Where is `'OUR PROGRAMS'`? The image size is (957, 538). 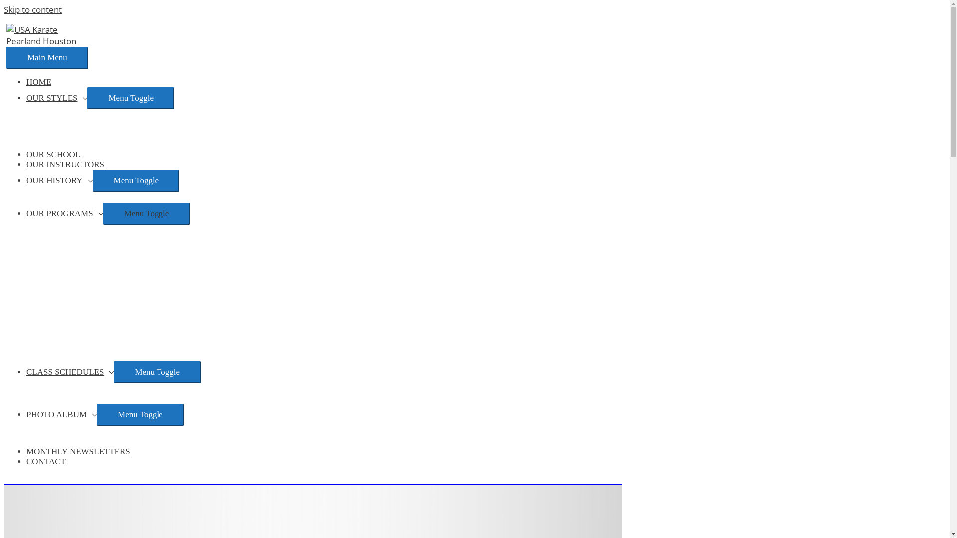
'OUR PROGRAMS' is located at coordinates (64, 213).